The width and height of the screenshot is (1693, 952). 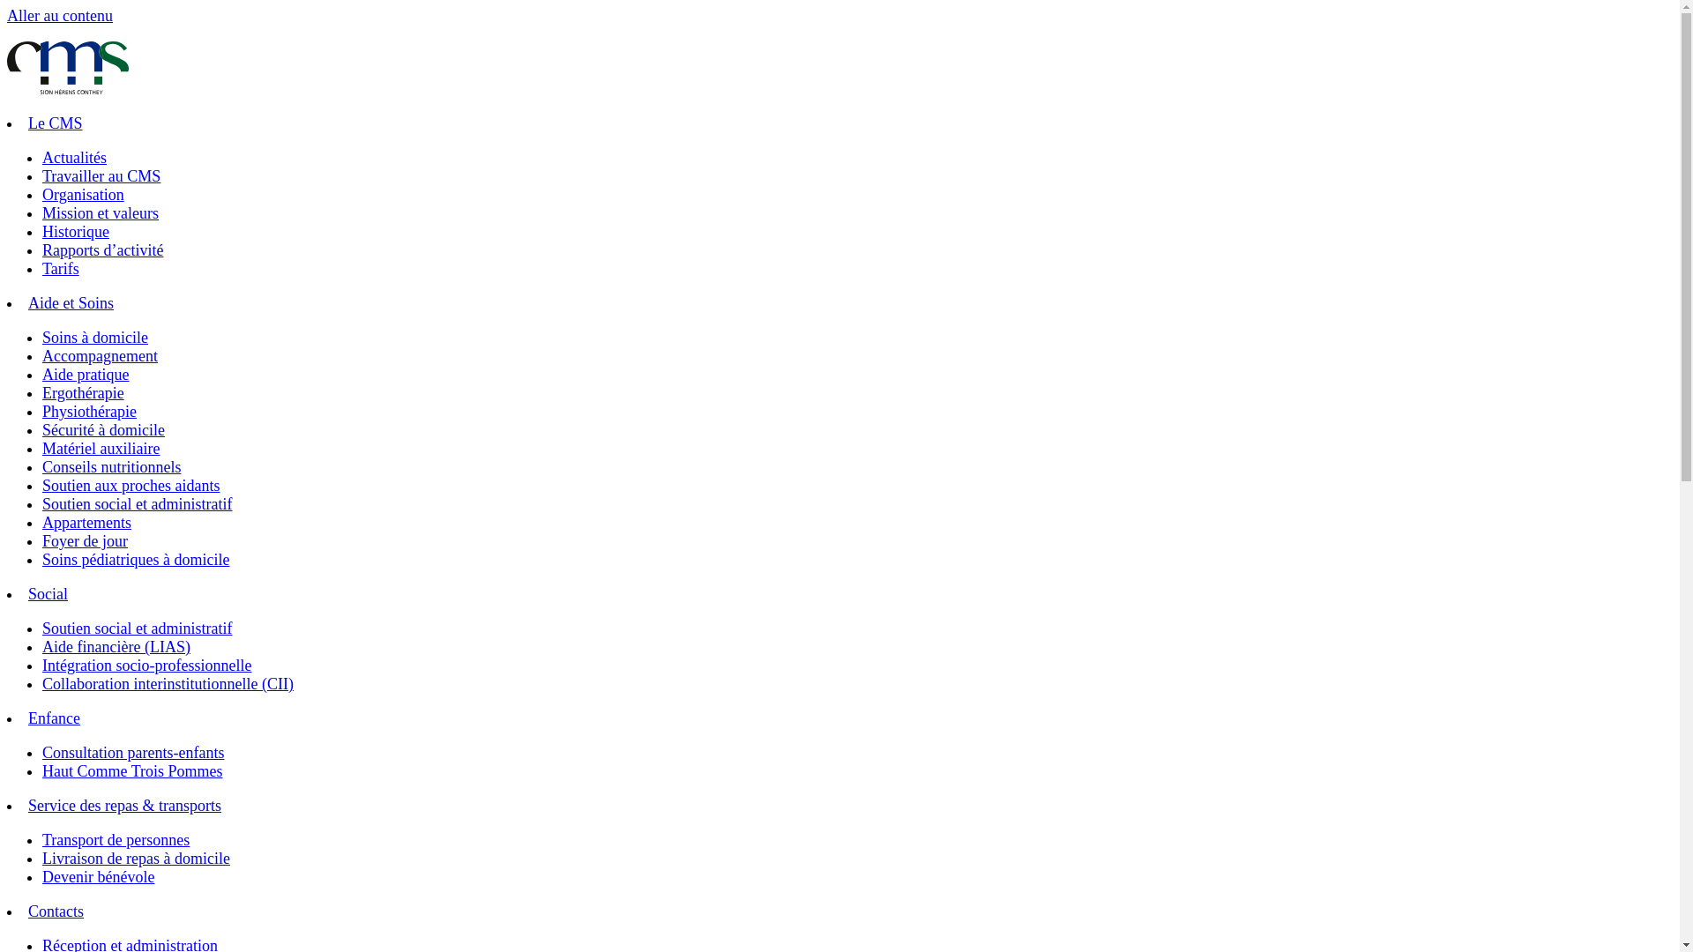 What do you see at coordinates (59, 16) in the screenshot?
I see `'Aller au contenu'` at bounding box center [59, 16].